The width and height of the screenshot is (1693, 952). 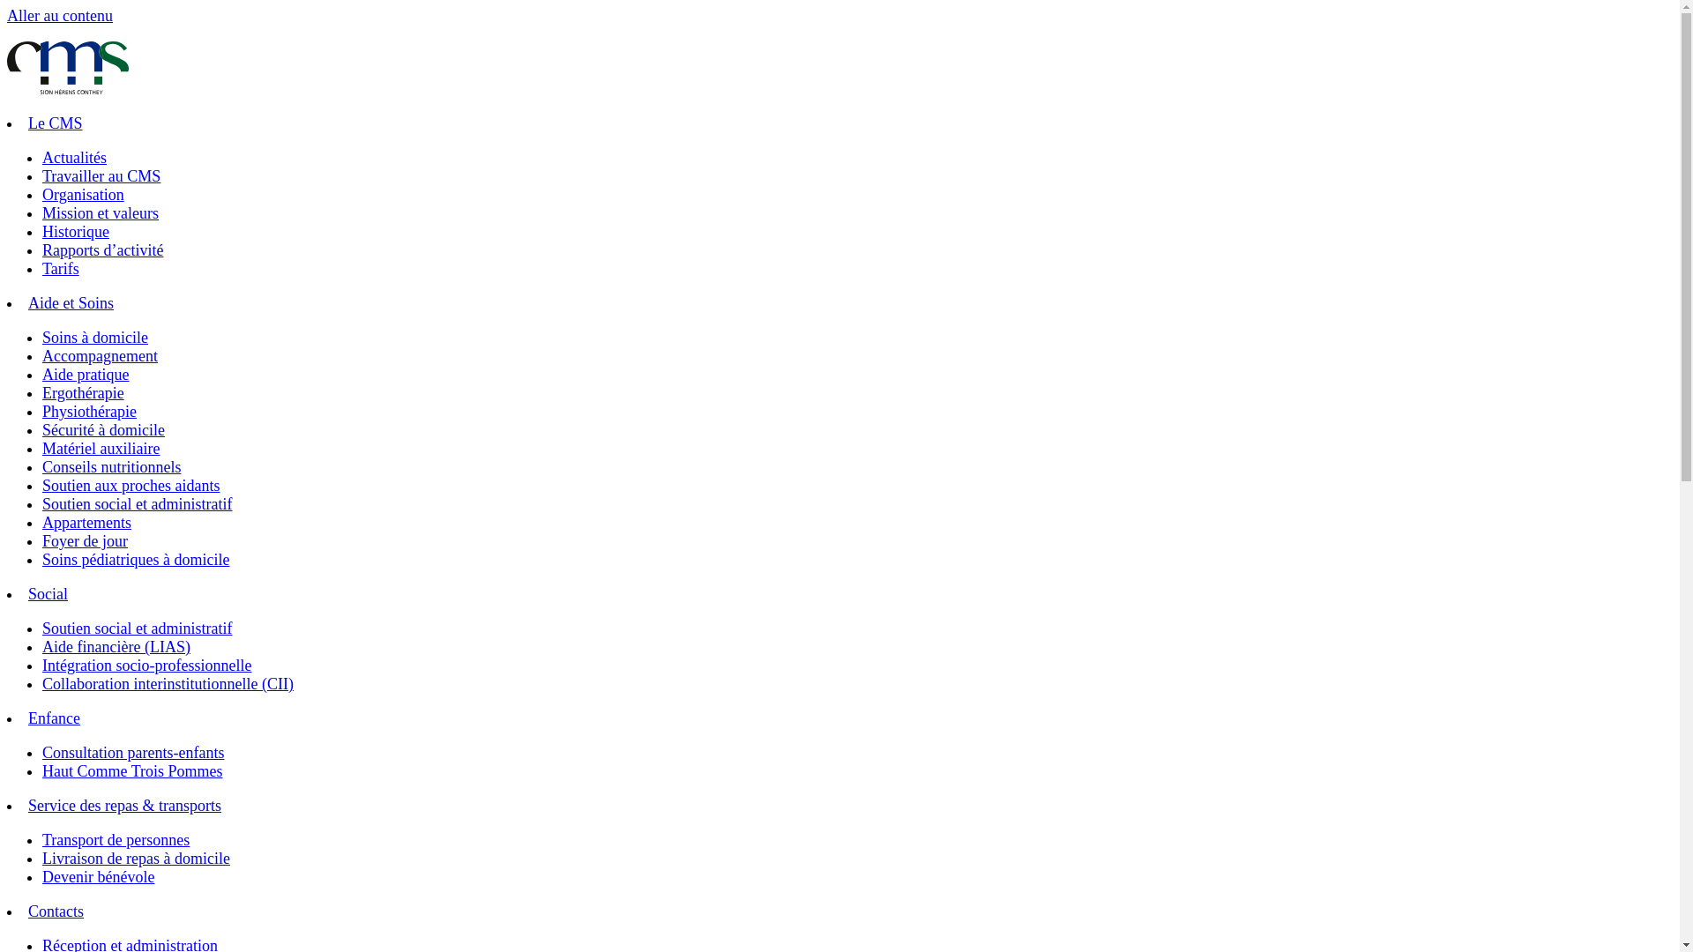 What do you see at coordinates (59, 16) in the screenshot?
I see `'Aller au contenu'` at bounding box center [59, 16].